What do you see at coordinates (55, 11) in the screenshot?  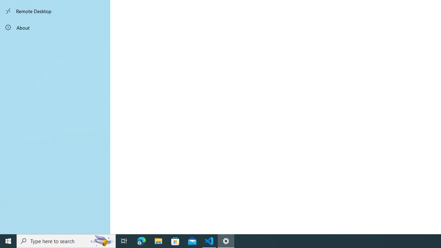 I see `'Remote Desktop'` at bounding box center [55, 11].